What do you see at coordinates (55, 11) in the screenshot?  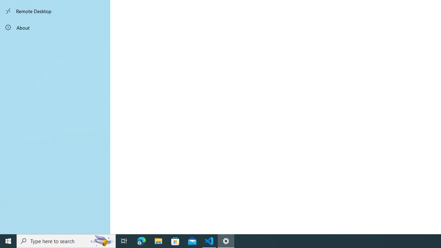 I see `'Remote Desktop'` at bounding box center [55, 11].